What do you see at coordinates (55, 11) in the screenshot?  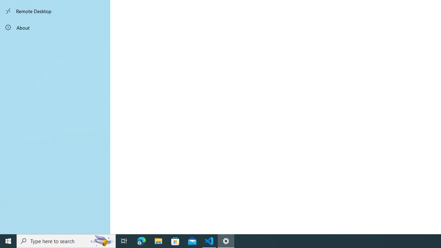 I see `'Remote Desktop'` at bounding box center [55, 11].